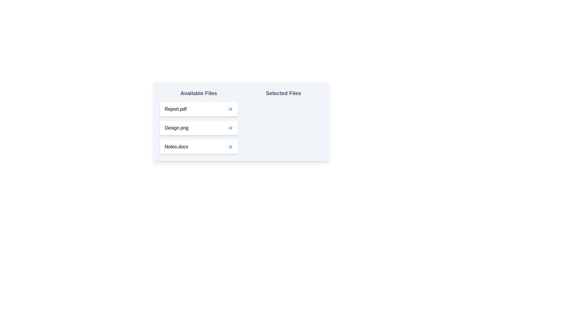  I want to click on the selectable list item labeled 'Notes.docx', so click(199, 146).